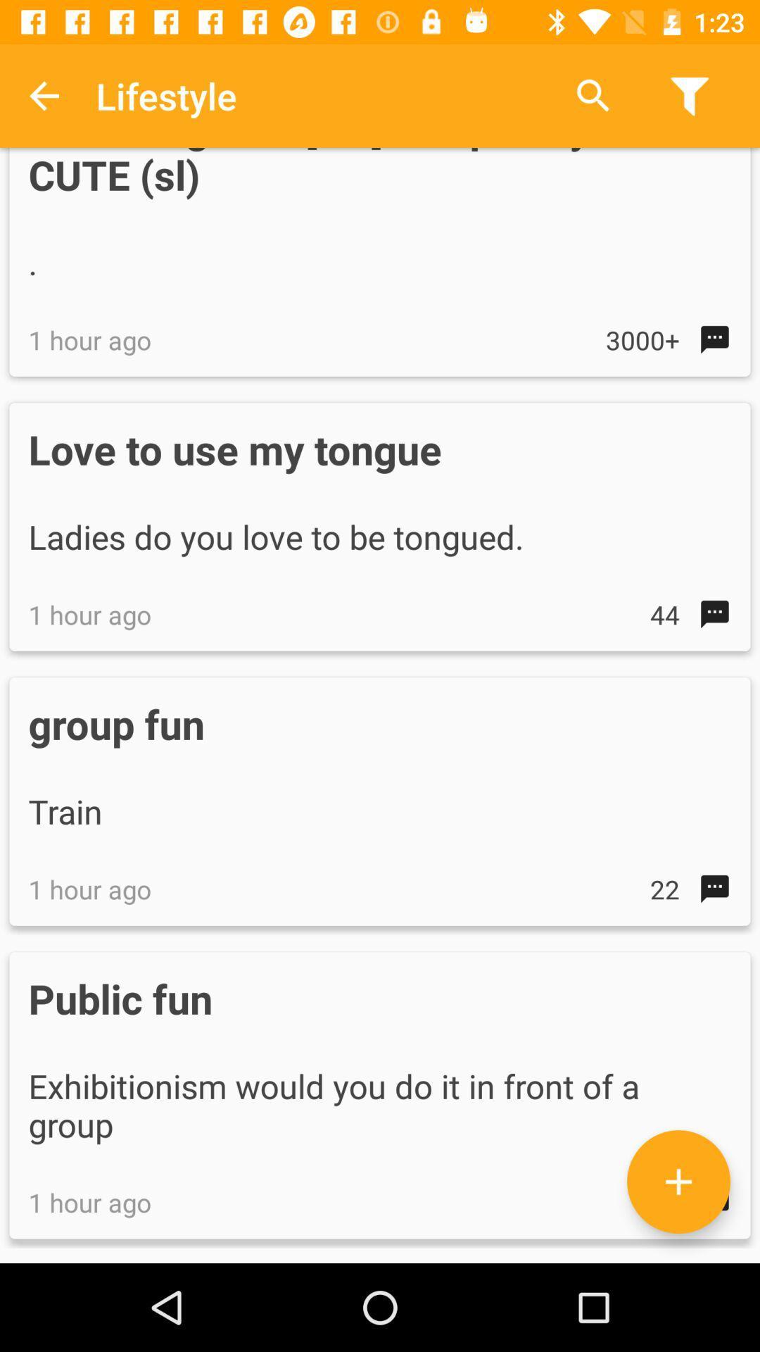 The image size is (760, 1352). What do you see at coordinates (678, 1182) in the screenshot?
I see `the add icon` at bounding box center [678, 1182].